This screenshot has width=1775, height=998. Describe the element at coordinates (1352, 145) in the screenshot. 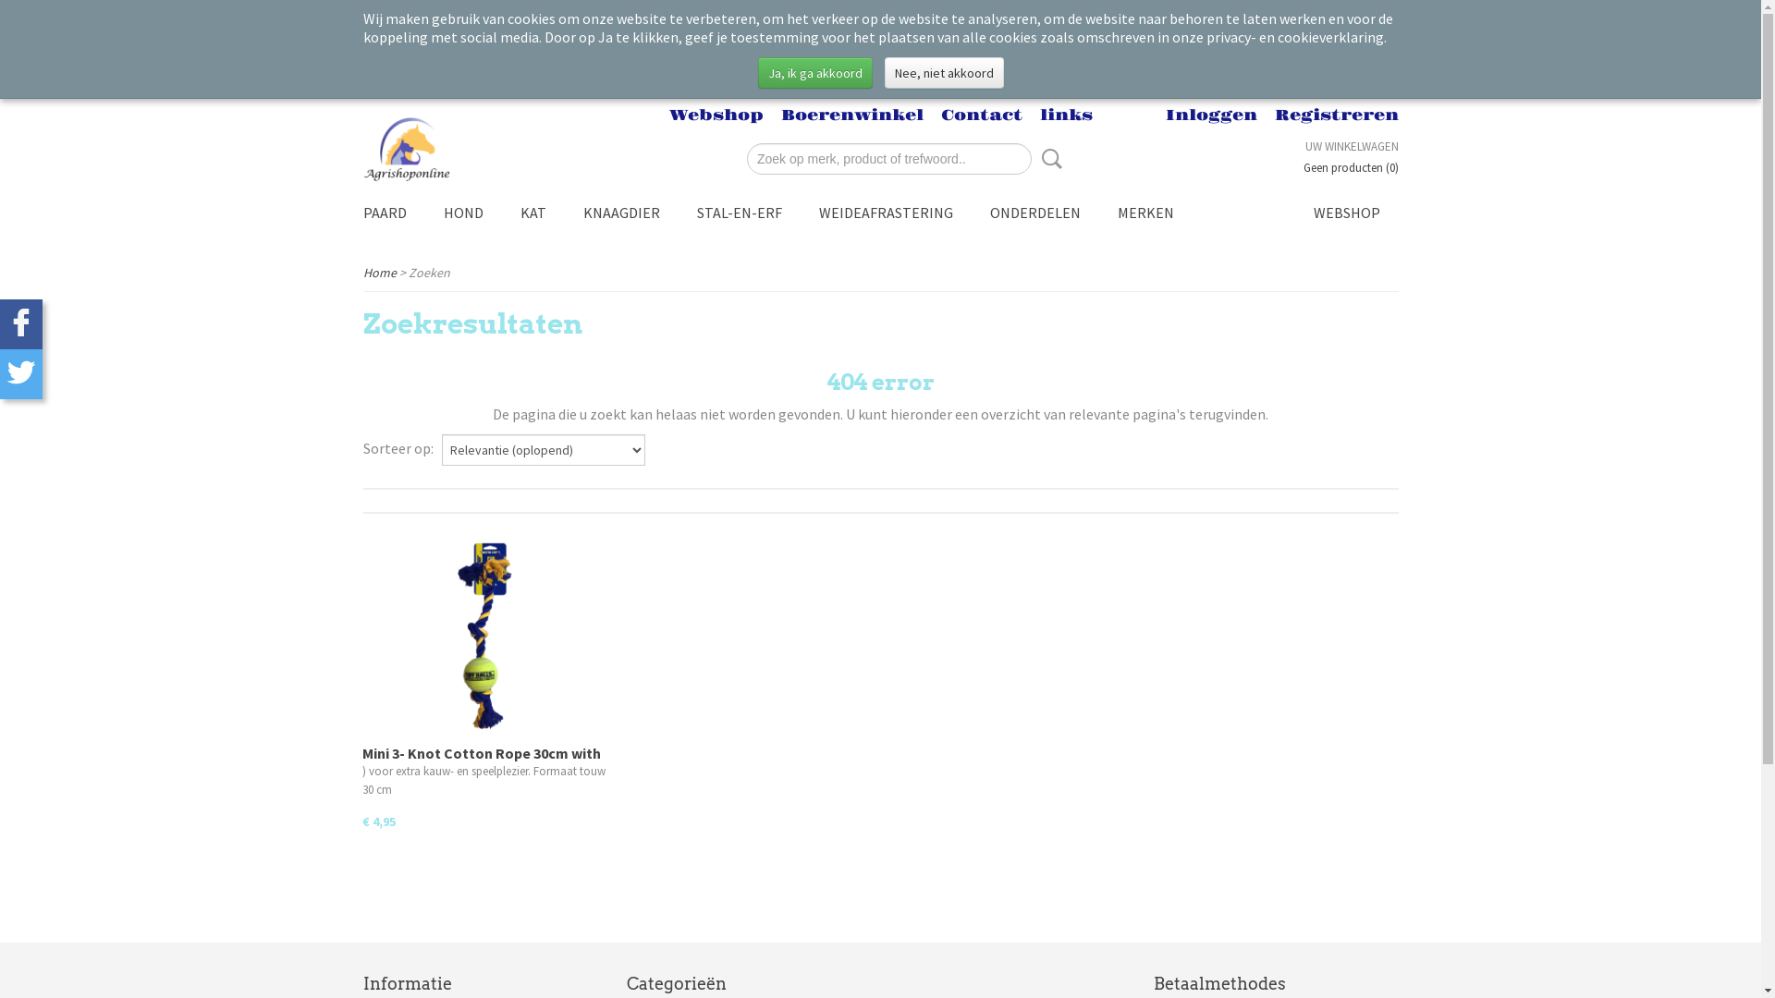

I see `'UW WINKELWAGEN'` at that location.